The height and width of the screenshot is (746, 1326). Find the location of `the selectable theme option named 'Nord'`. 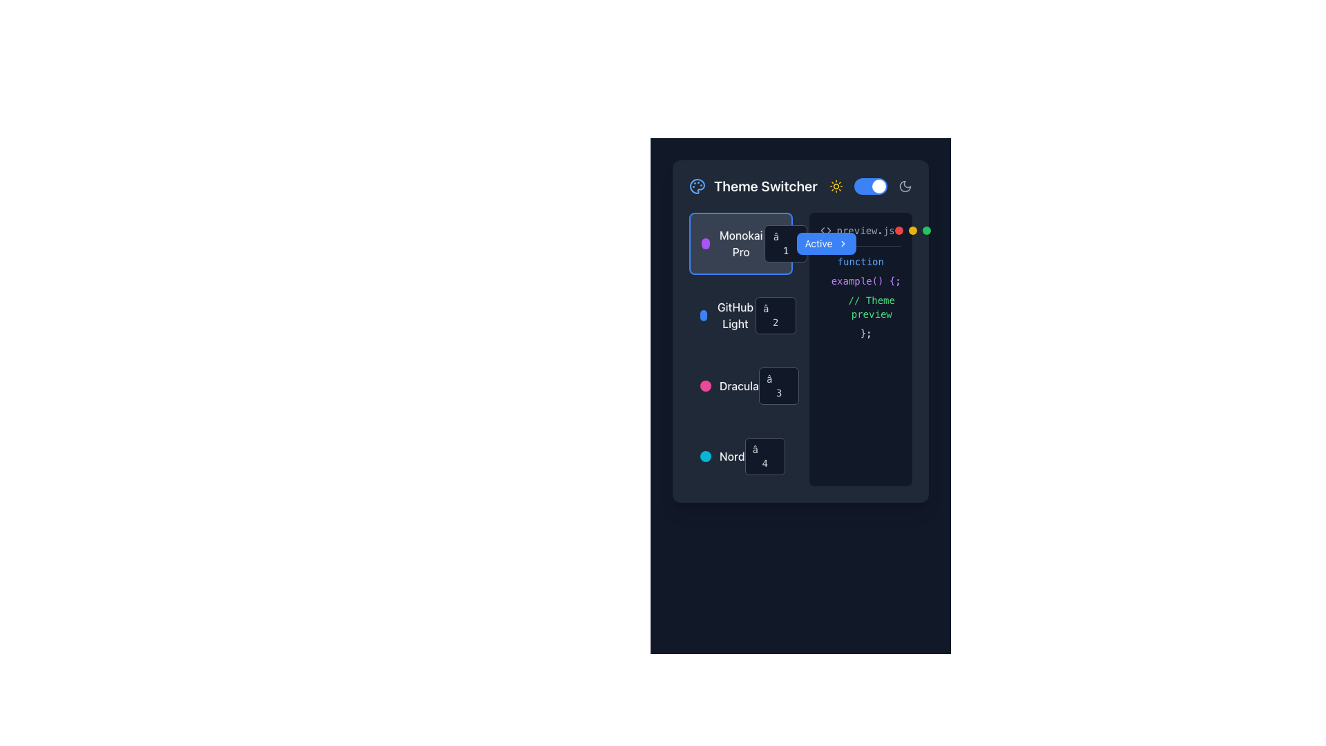

the selectable theme option named 'Nord' is located at coordinates (740, 456).